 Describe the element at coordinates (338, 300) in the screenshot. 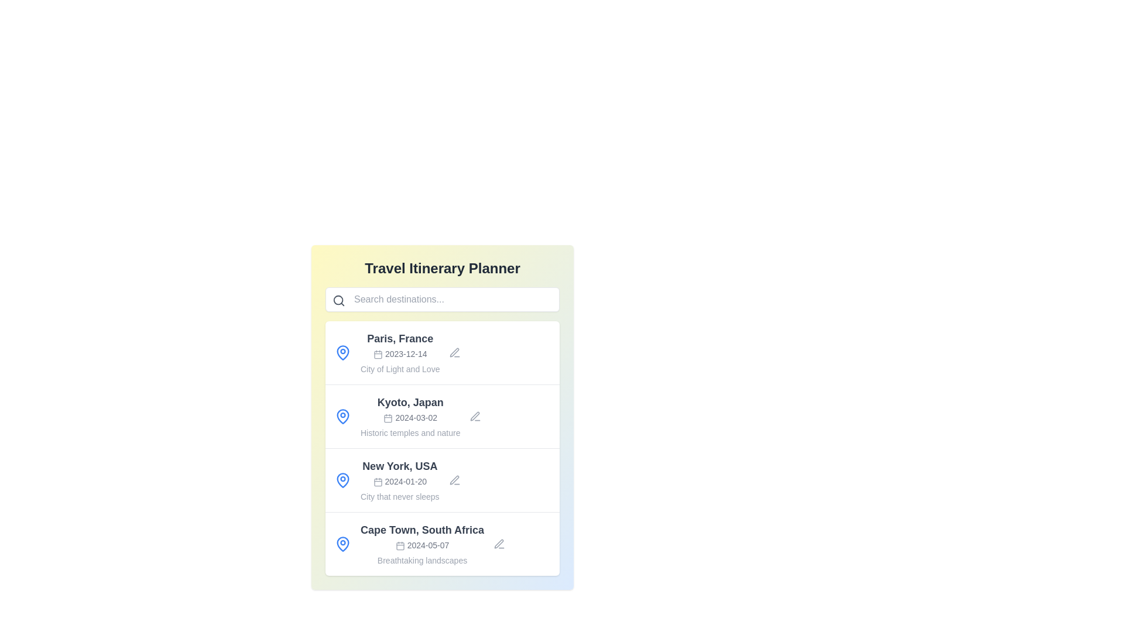

I see `the search icon located on the left side of the search input field` at that location.